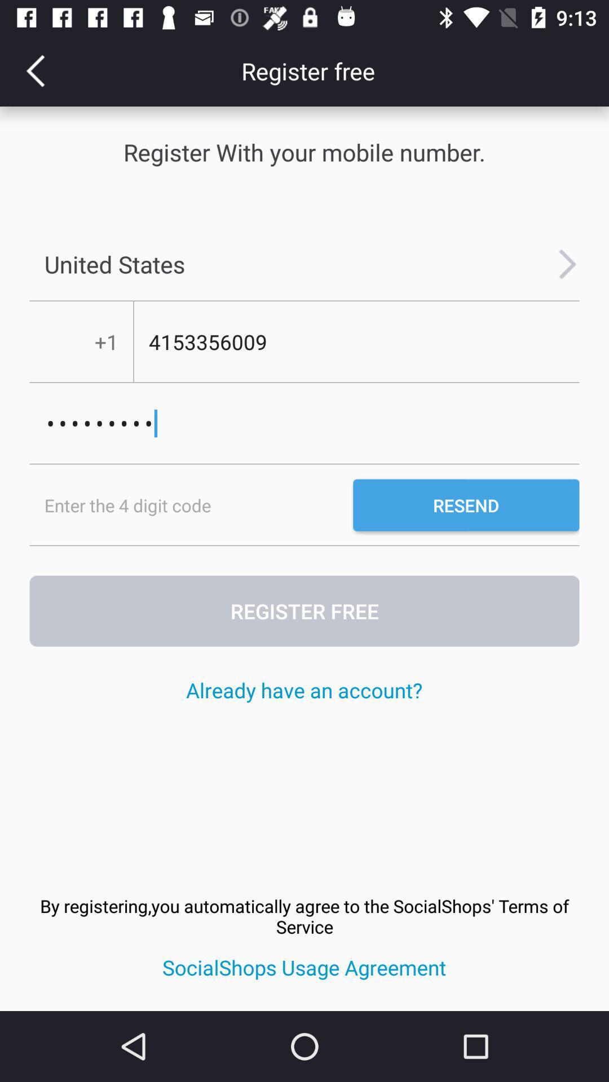  Describe the element at coordinates (304, 423) in the screenshot. I see `crowd3116 item` at that location.